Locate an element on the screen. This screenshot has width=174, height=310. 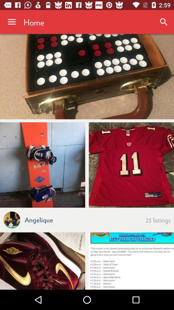
angelique item is located at coordinates (39, 219).